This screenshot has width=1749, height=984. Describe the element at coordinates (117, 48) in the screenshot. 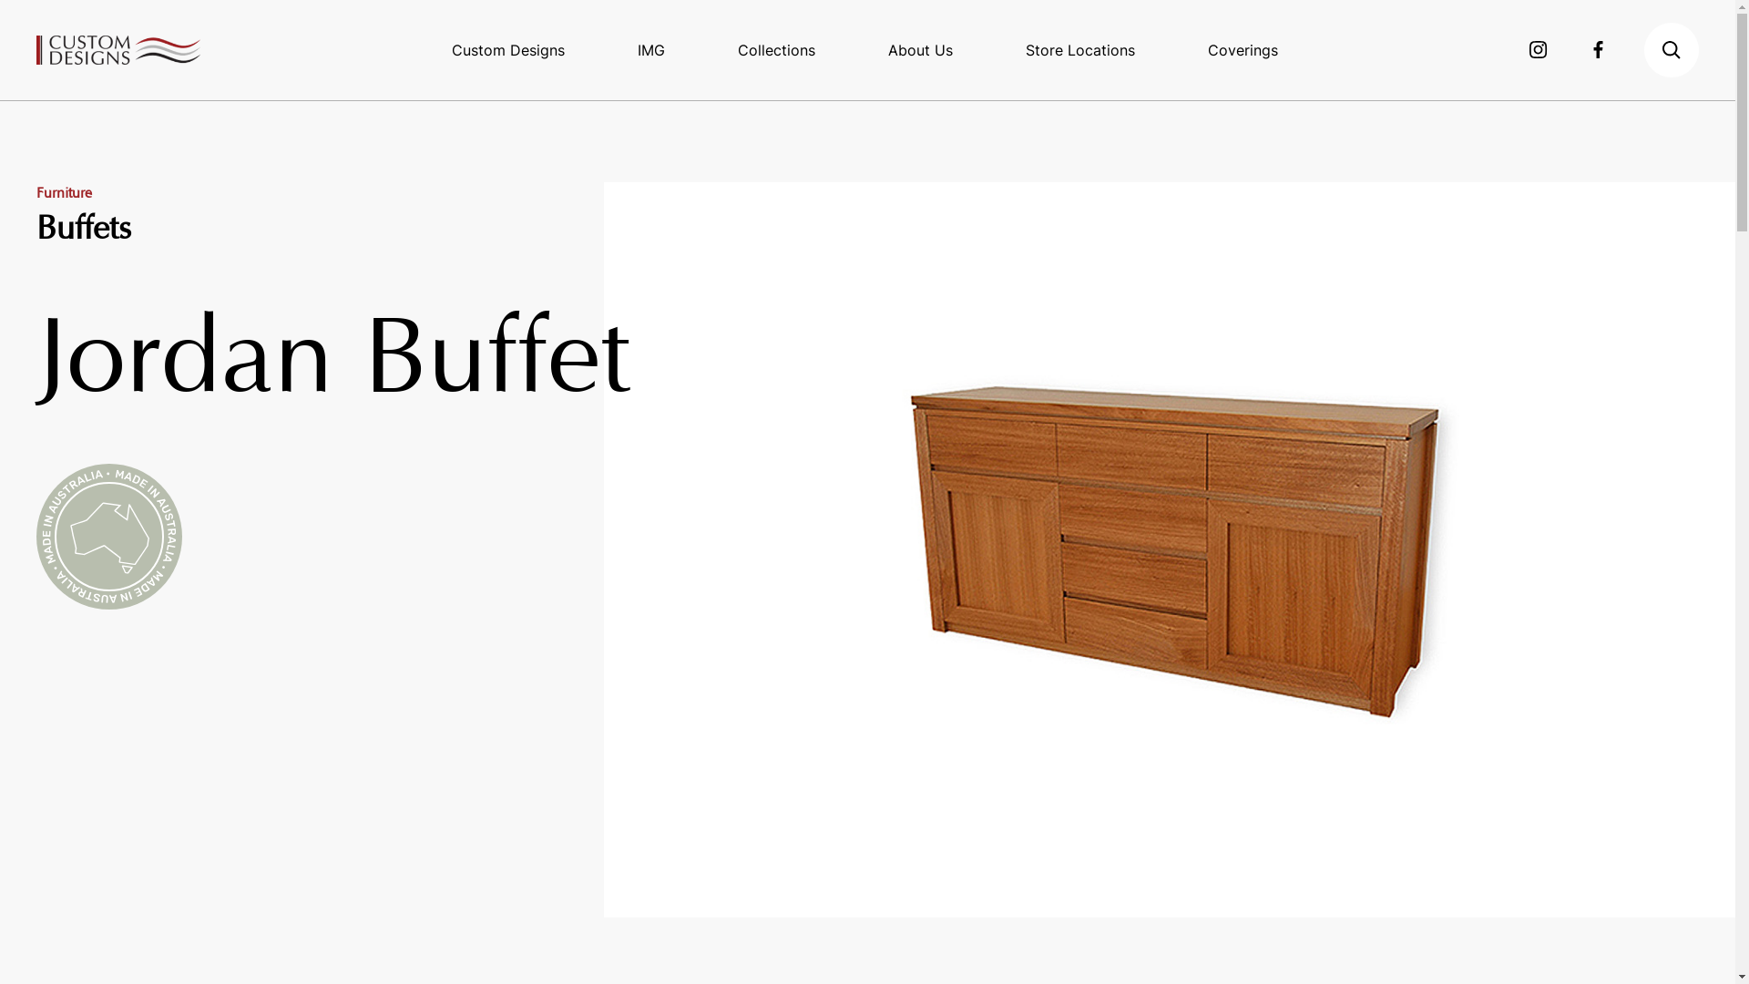

I see `'Custom Designs'` at that location.